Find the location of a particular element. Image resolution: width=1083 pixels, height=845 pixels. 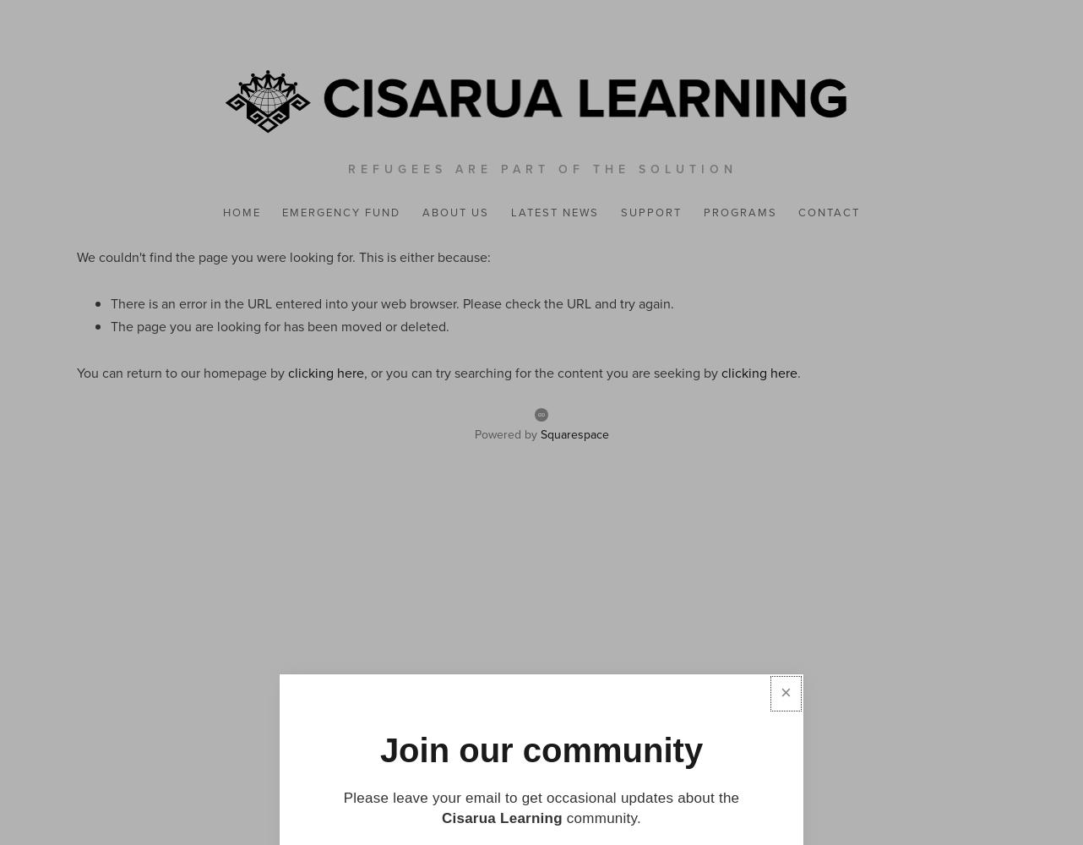

'Programs' is located at coordinates (739, 212).